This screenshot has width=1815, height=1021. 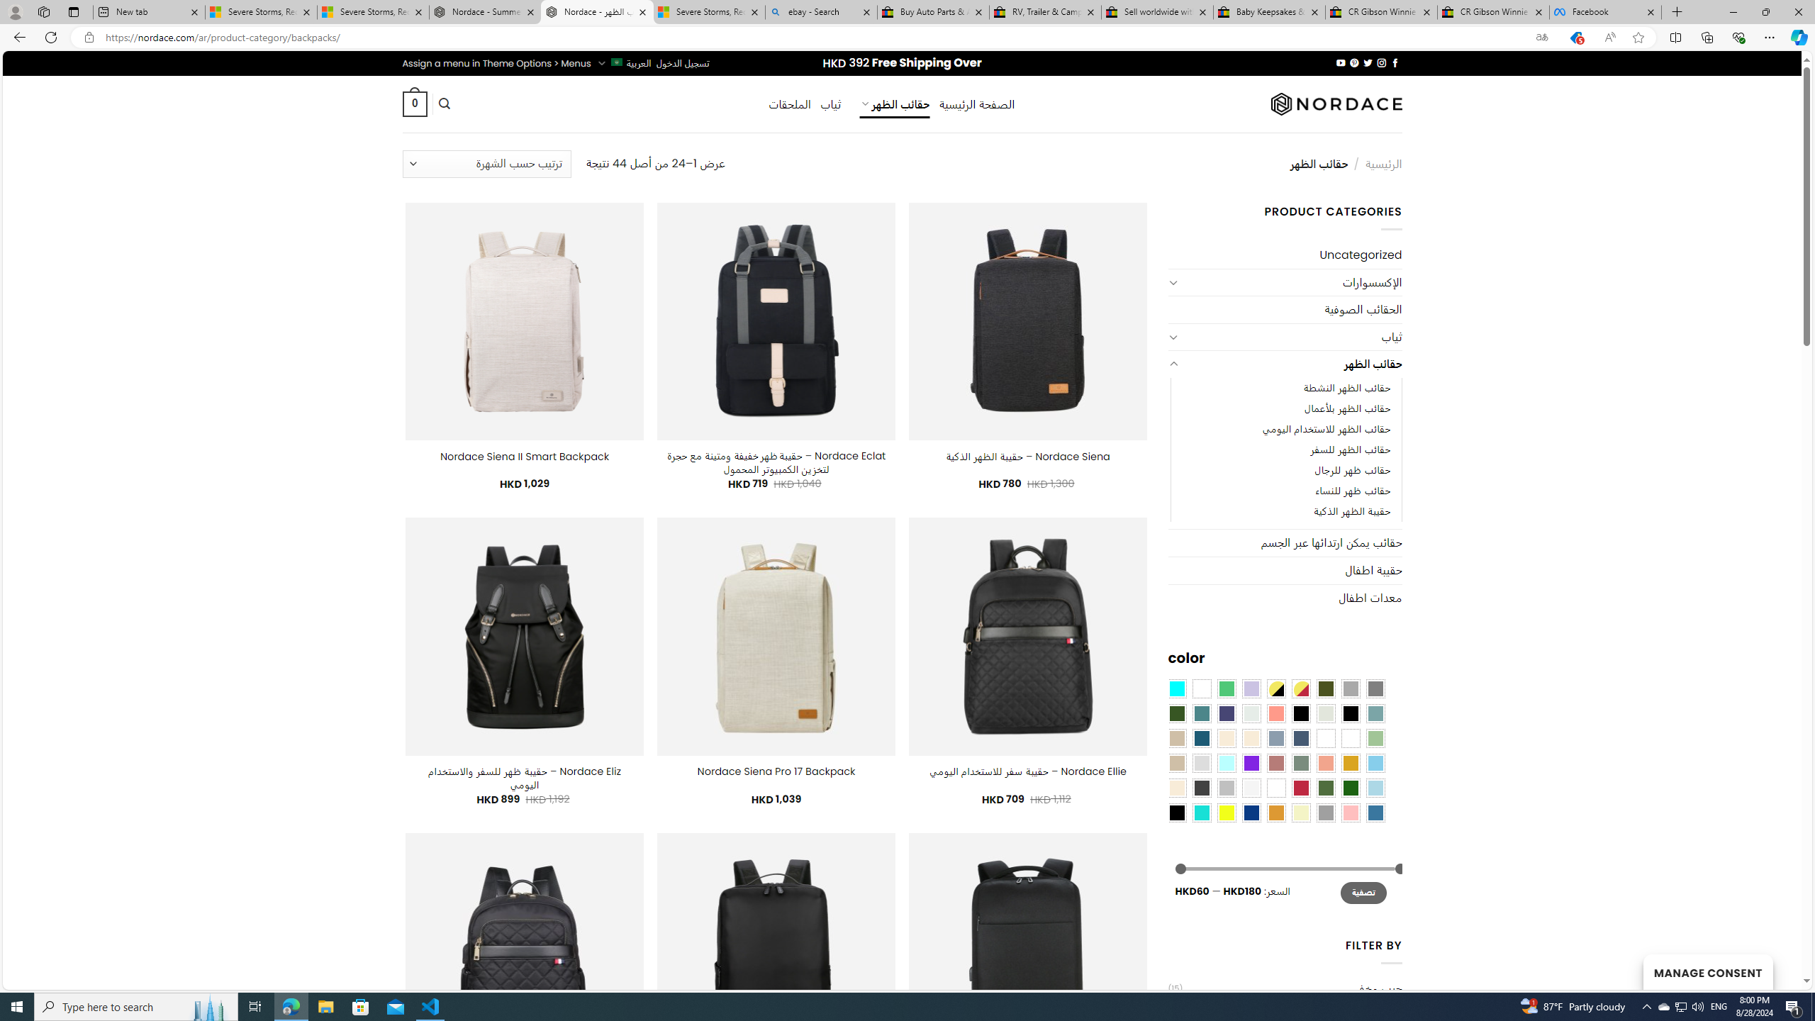 What do you see at coordinates (1300, 687) in the screenshot?
I see `'Yellow-Red'` at bounding box center [1300, 687].